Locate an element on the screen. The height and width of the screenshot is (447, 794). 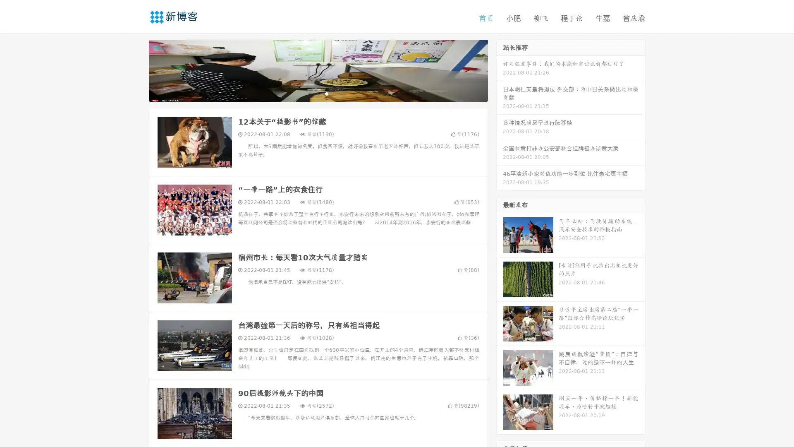
Go to slide 1 is located at coordinates (309, 93).